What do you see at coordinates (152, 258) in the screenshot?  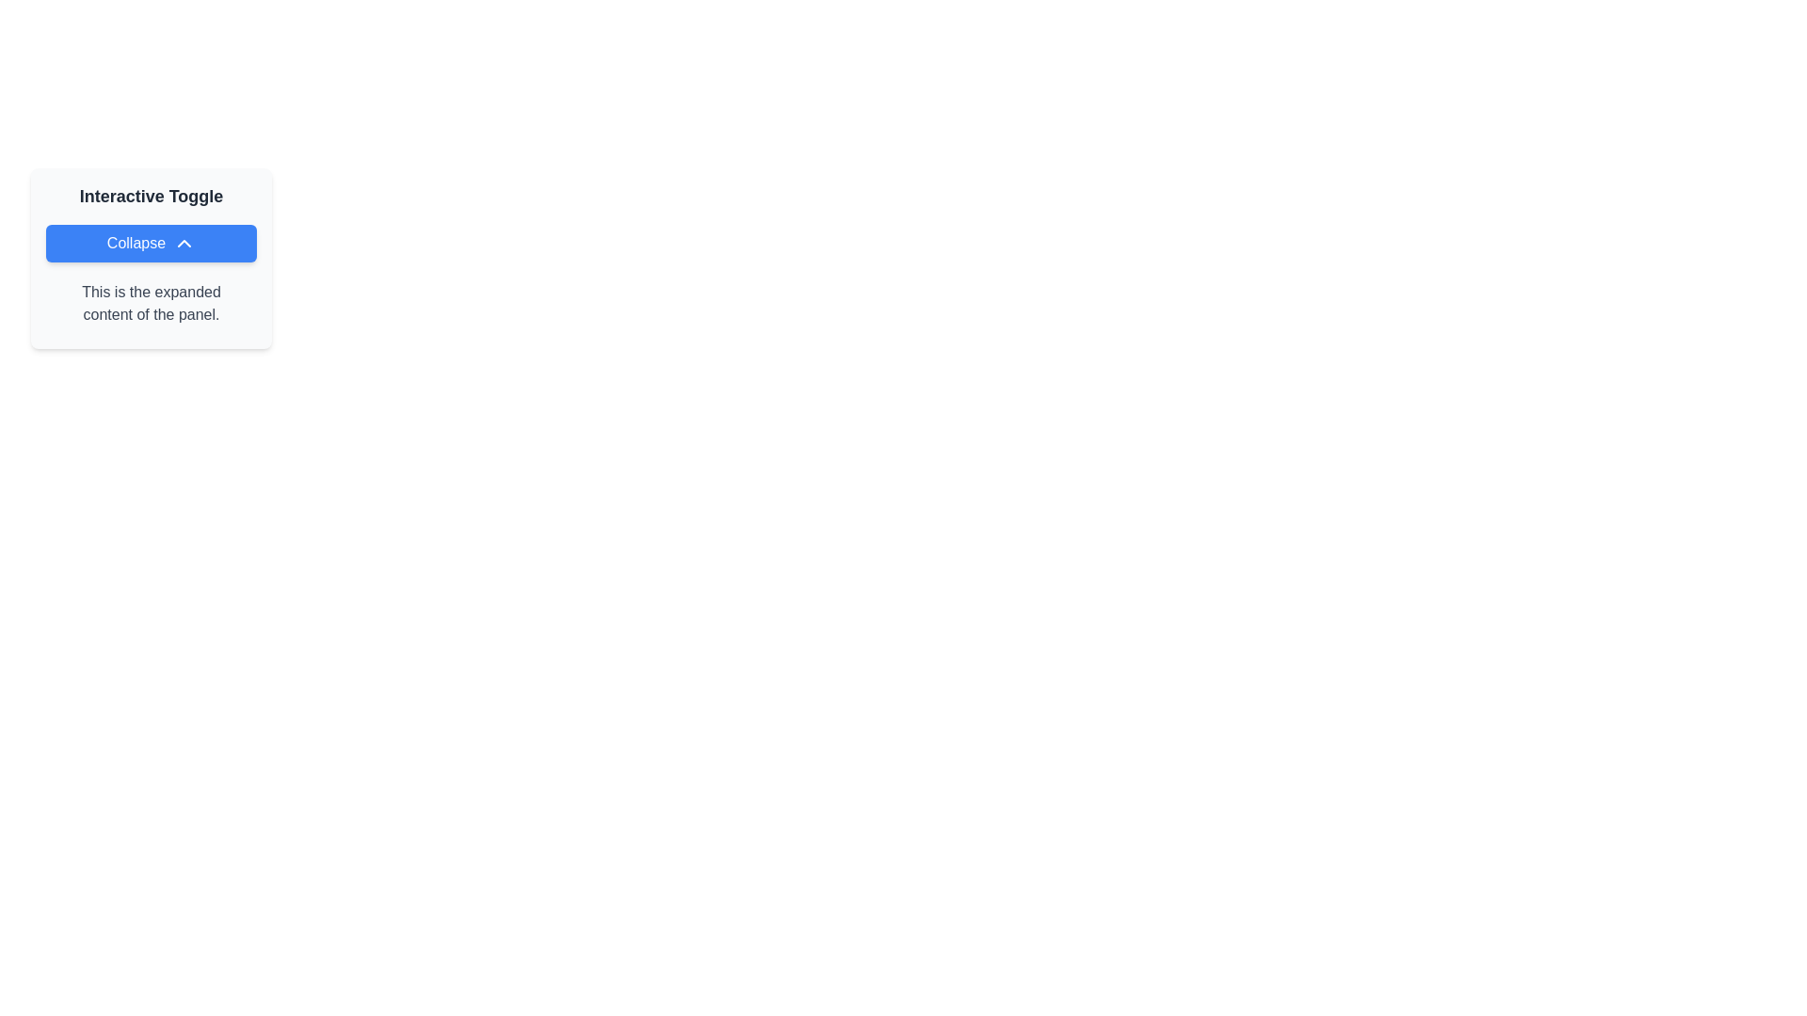 I see `the button located within the 'Interactive Toggle' panel` at bounding box center [152, 258].